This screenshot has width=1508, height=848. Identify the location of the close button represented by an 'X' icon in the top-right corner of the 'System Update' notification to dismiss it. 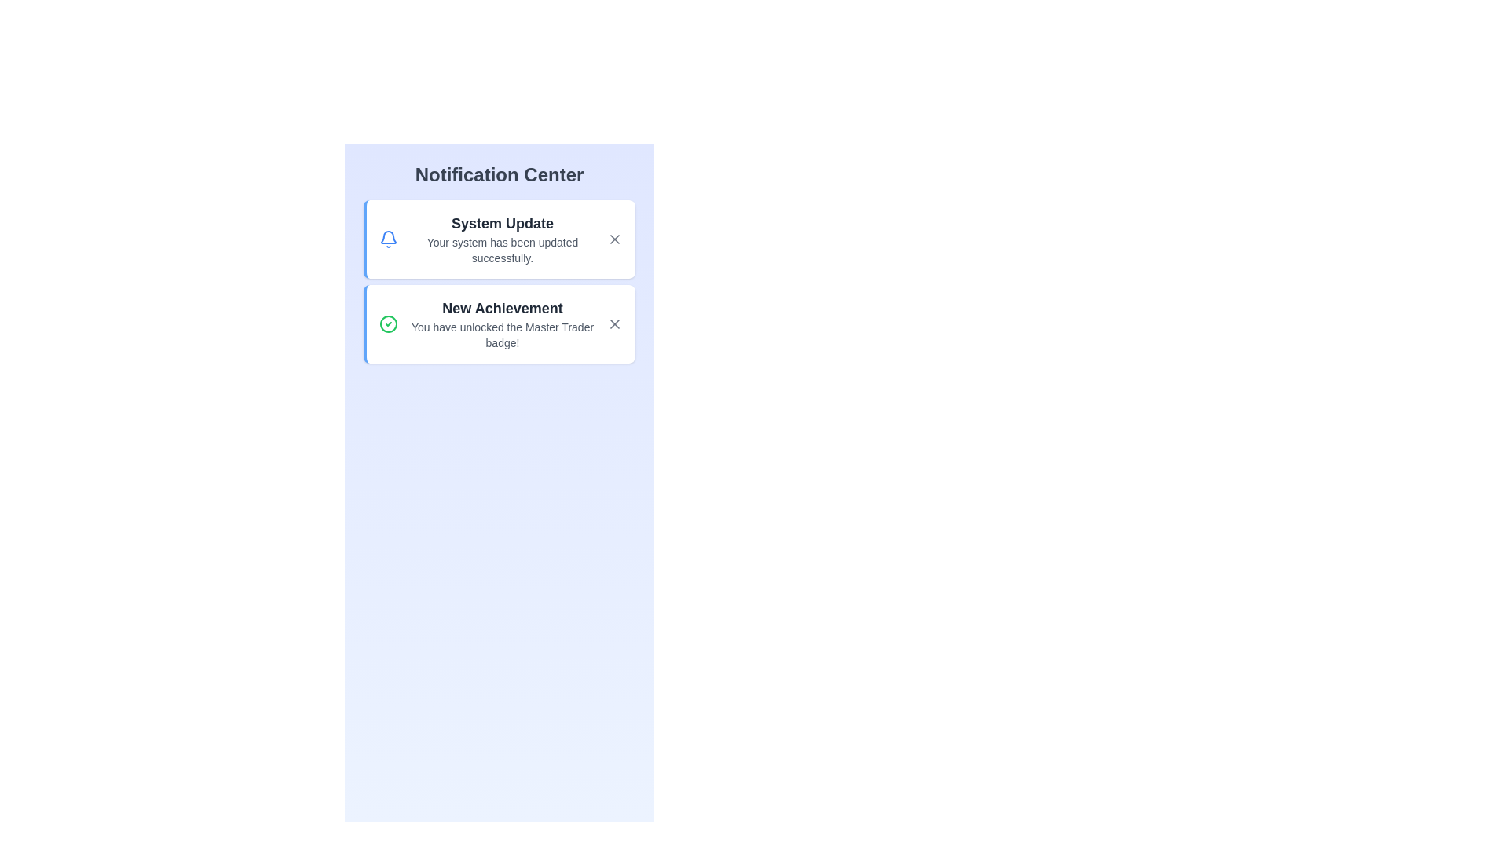
(613, 239).